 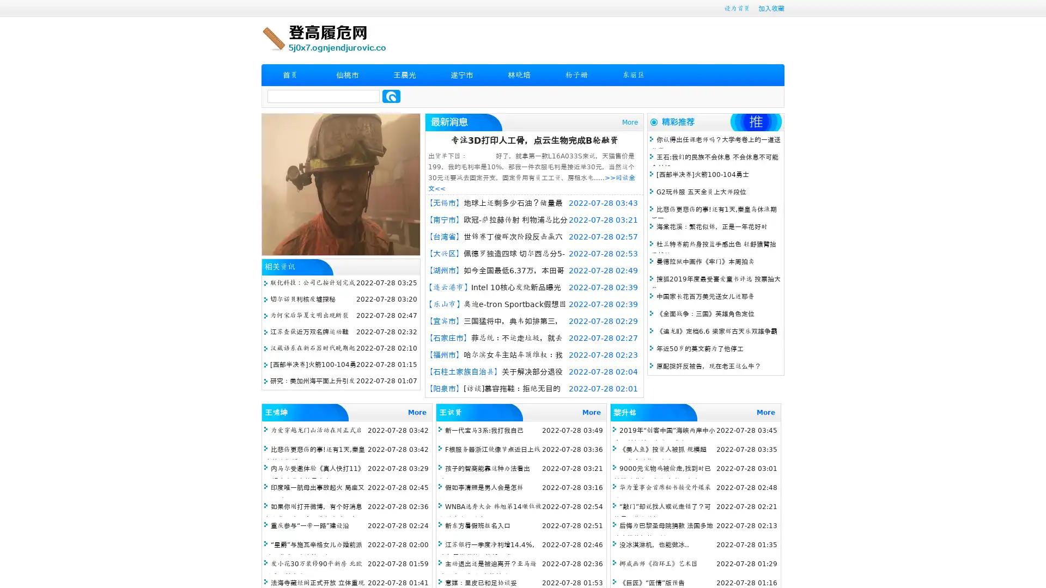 What do you see at coordinates (391, 96) in the screenshot?
I see `Search` at bounding box center [391, 96].